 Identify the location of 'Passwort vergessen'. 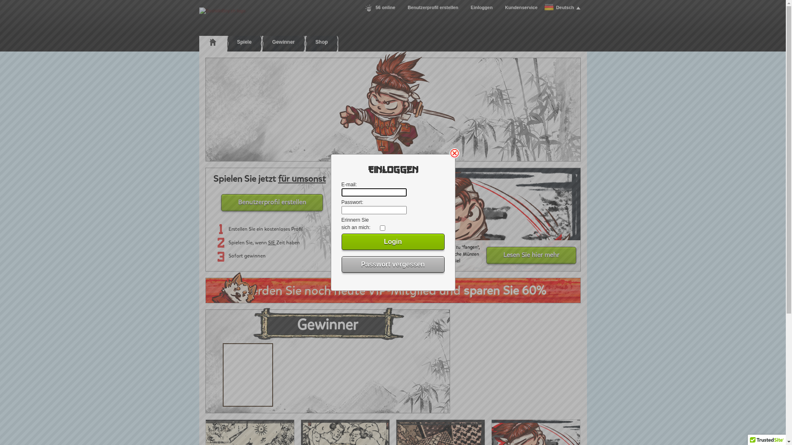
(393, 264).